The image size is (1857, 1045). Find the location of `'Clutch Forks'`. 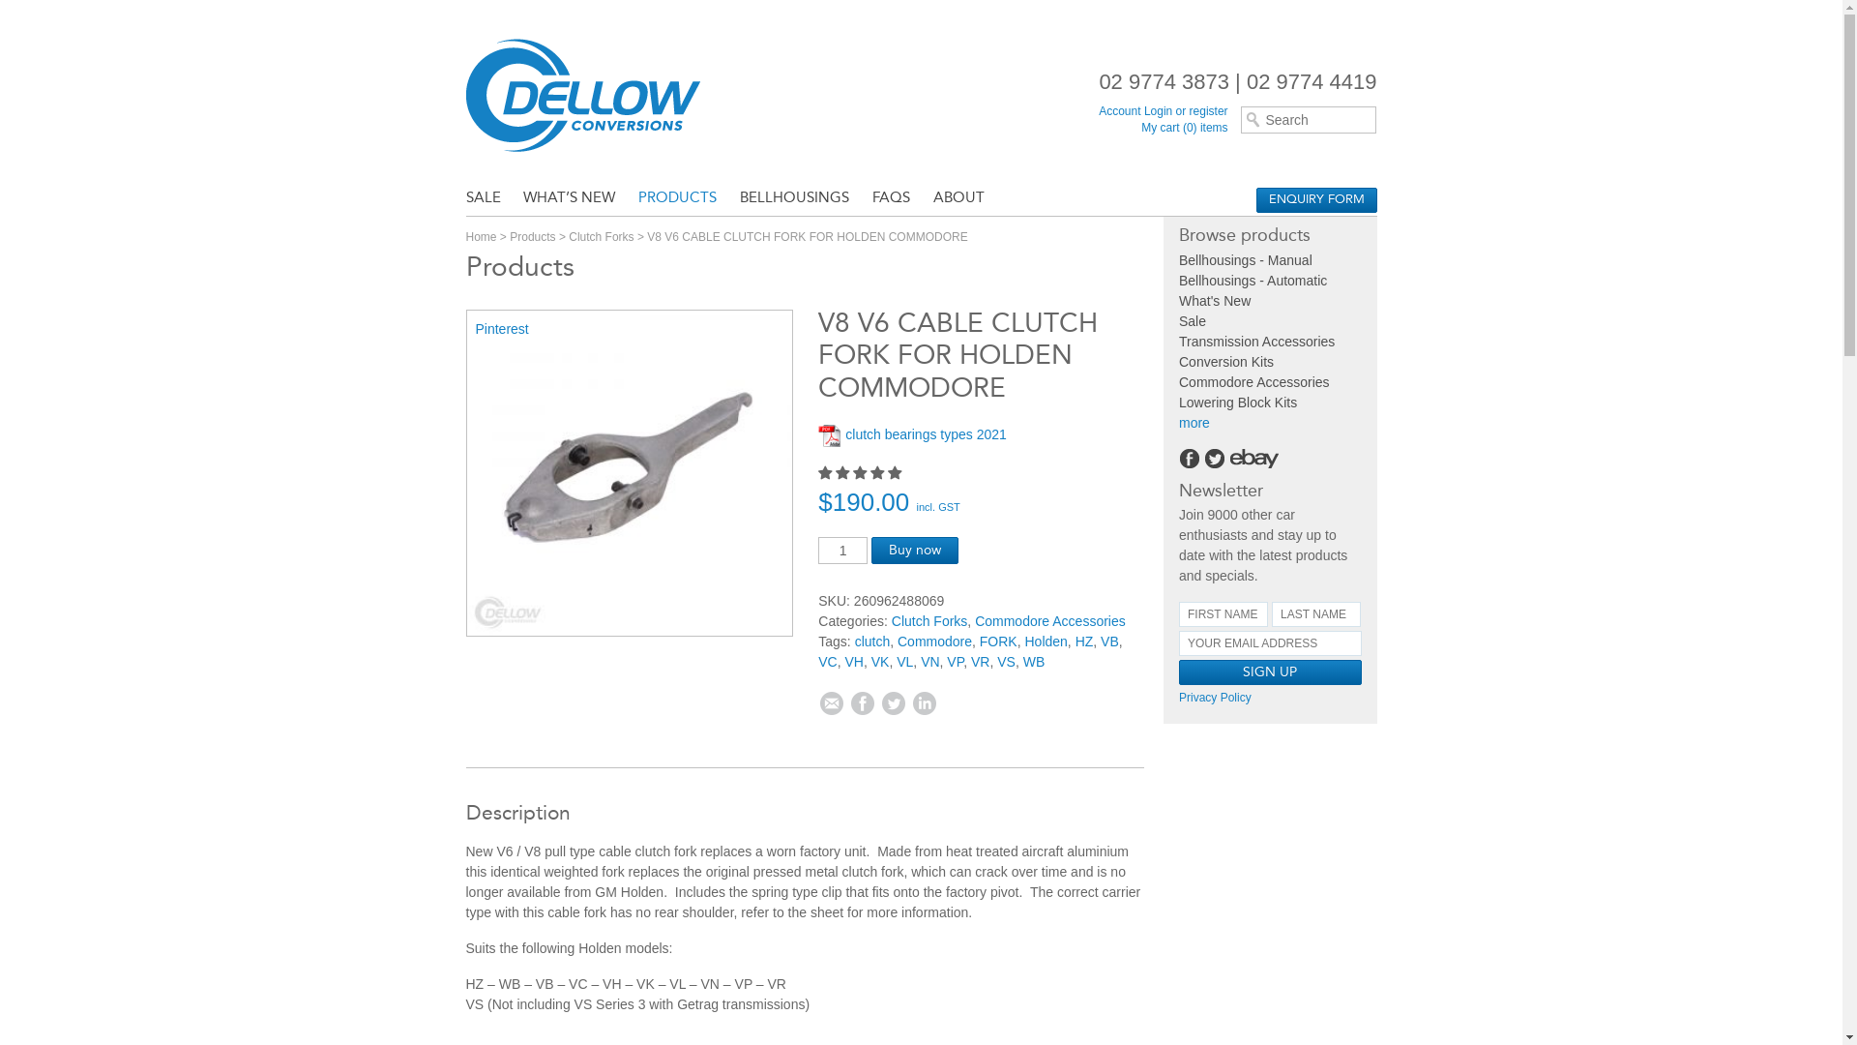

'Clutch Forks' is located at coordinates (600, 236).